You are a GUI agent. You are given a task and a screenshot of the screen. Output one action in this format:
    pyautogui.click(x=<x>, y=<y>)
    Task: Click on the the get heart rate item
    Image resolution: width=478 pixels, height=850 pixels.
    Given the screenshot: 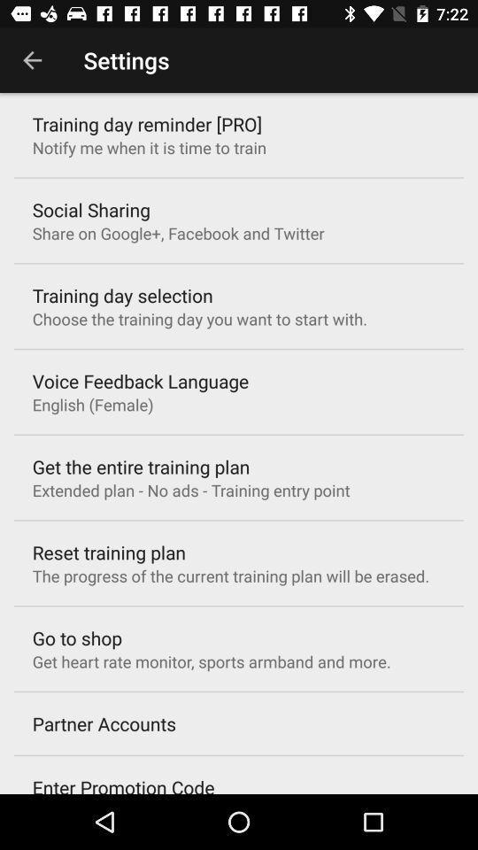 What is the action you would take?
    pyautogui.click(x=212, y=661)
    